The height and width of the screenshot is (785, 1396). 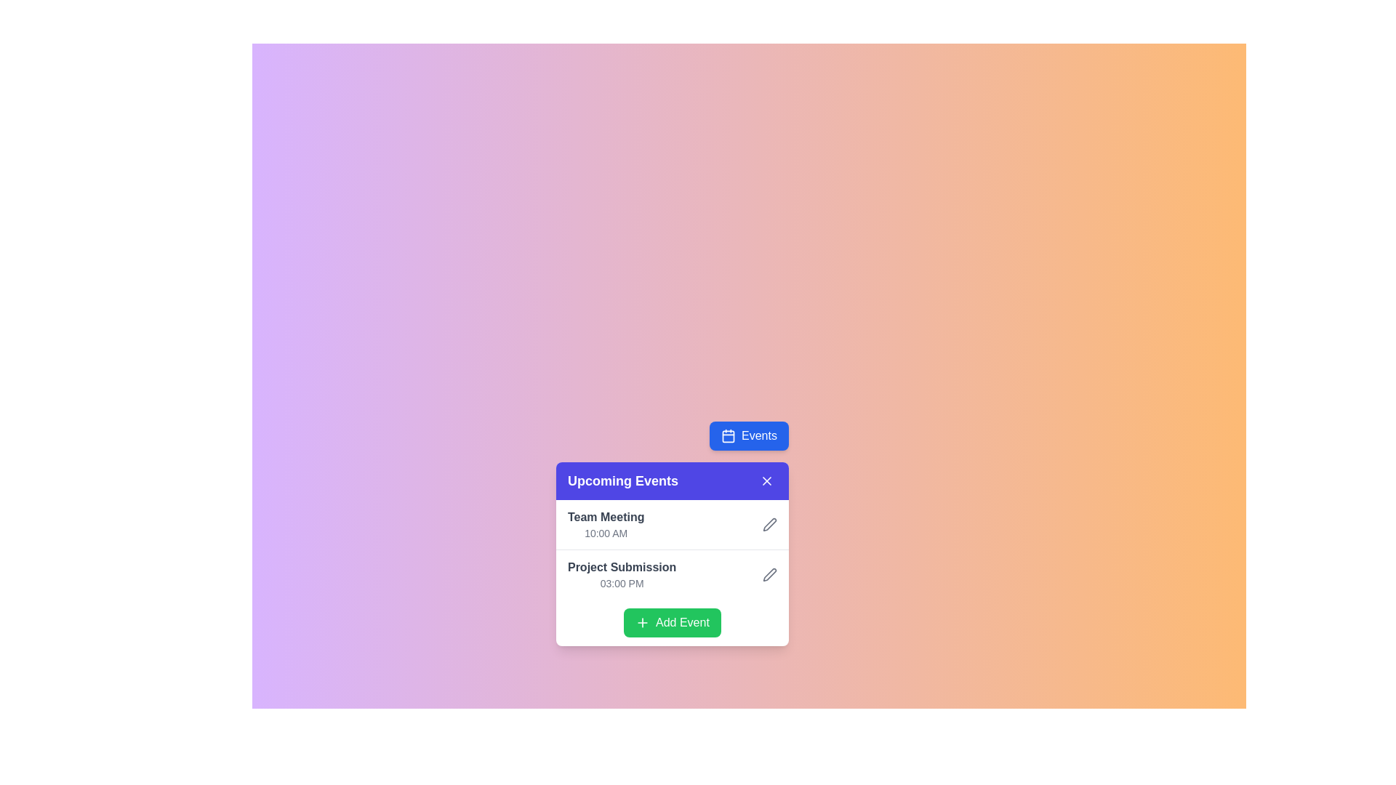 What do you see at coordinates (671, 621) in the screenshot?
I see `the 'Add Event' button` at bounding box center [671, 621].